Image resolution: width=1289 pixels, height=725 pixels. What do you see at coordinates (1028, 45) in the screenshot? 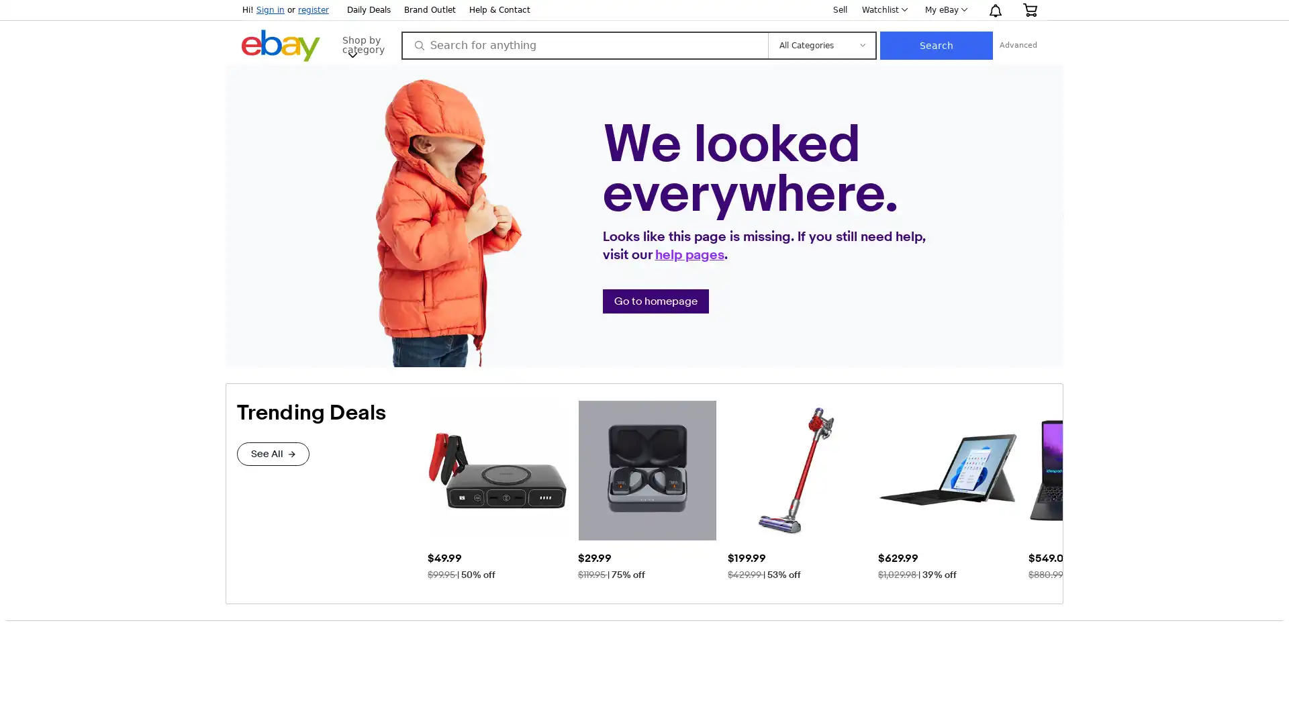
I see `Search` at bounding box center [1028, 45].